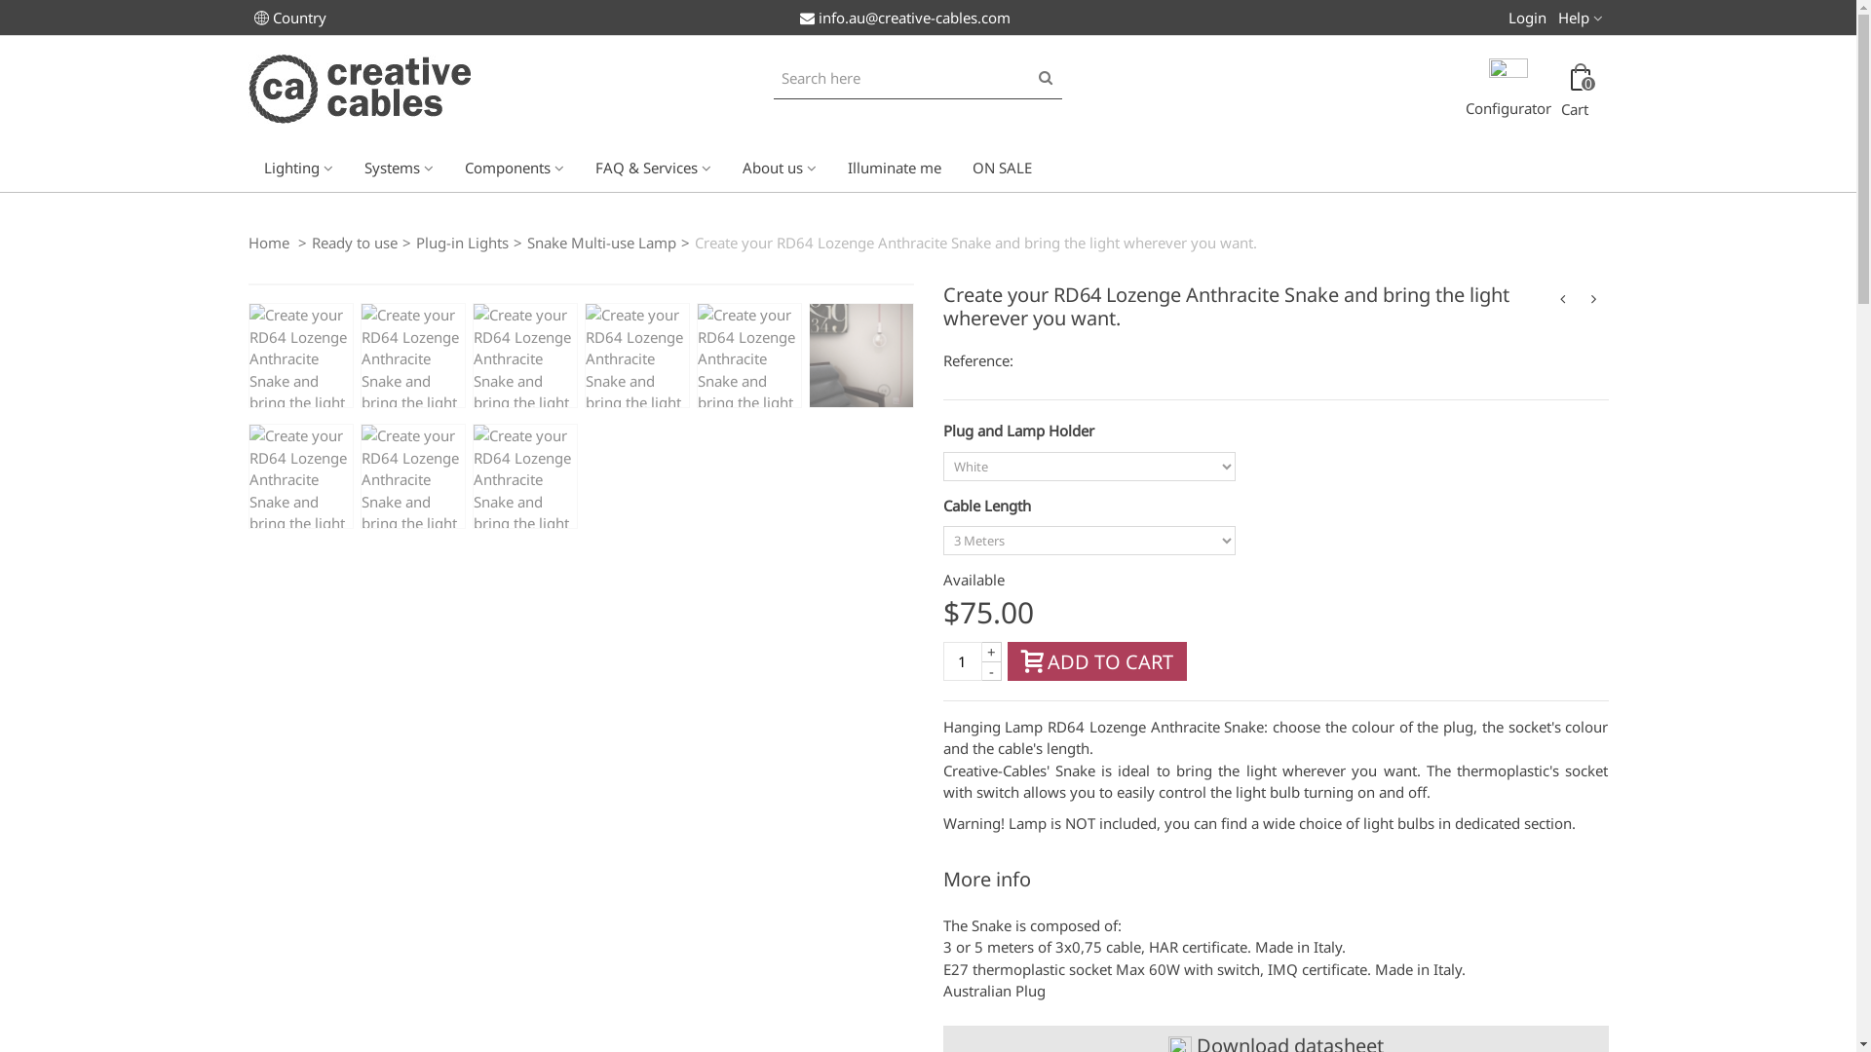  Describe the element at coordinates (514, 165) in the screenshot. I see `'Components'` at that location.